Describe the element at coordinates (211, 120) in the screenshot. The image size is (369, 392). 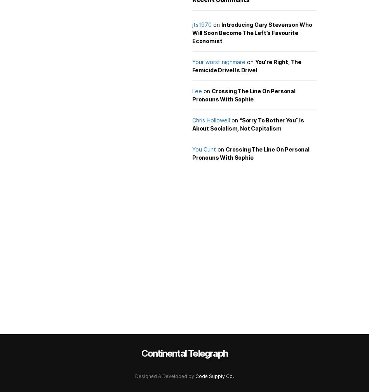
I see `'Chris Hollowell'` at that location.